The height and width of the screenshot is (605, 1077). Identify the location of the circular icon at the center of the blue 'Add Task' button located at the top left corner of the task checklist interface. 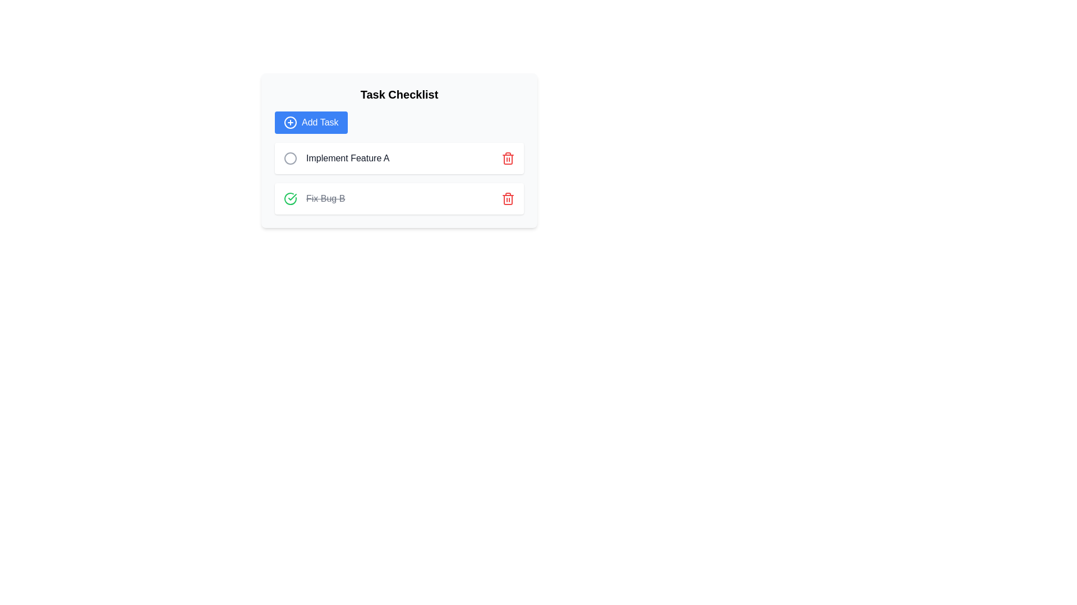
(291, 123).